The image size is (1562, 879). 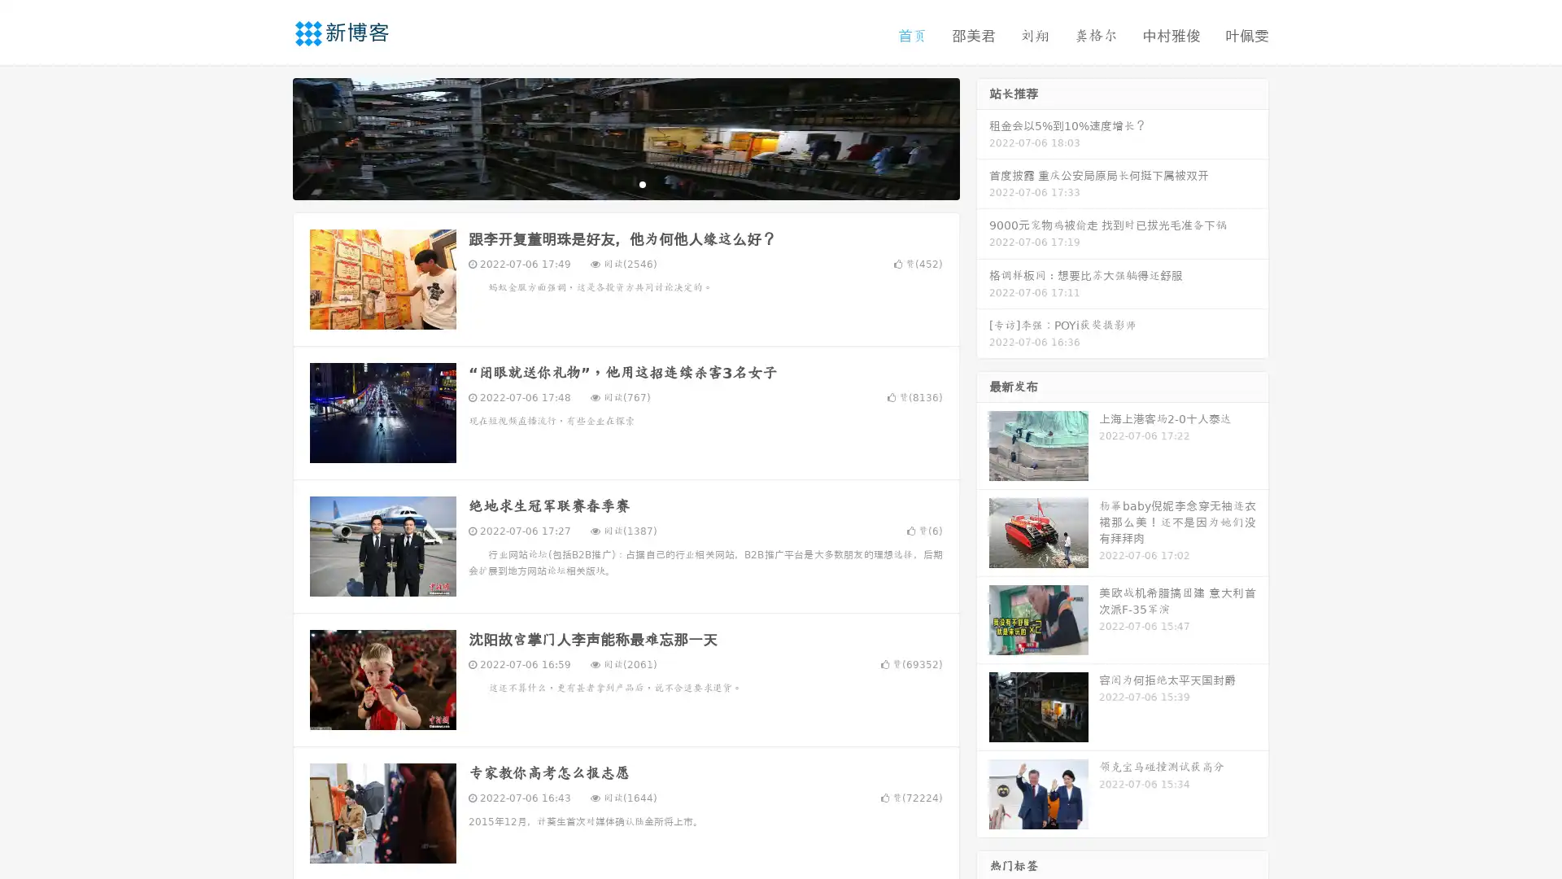 What do you see at coordinates (625, 183) in the screenshot?
I see `Go to slide 2` at bounding box center [625, 183].